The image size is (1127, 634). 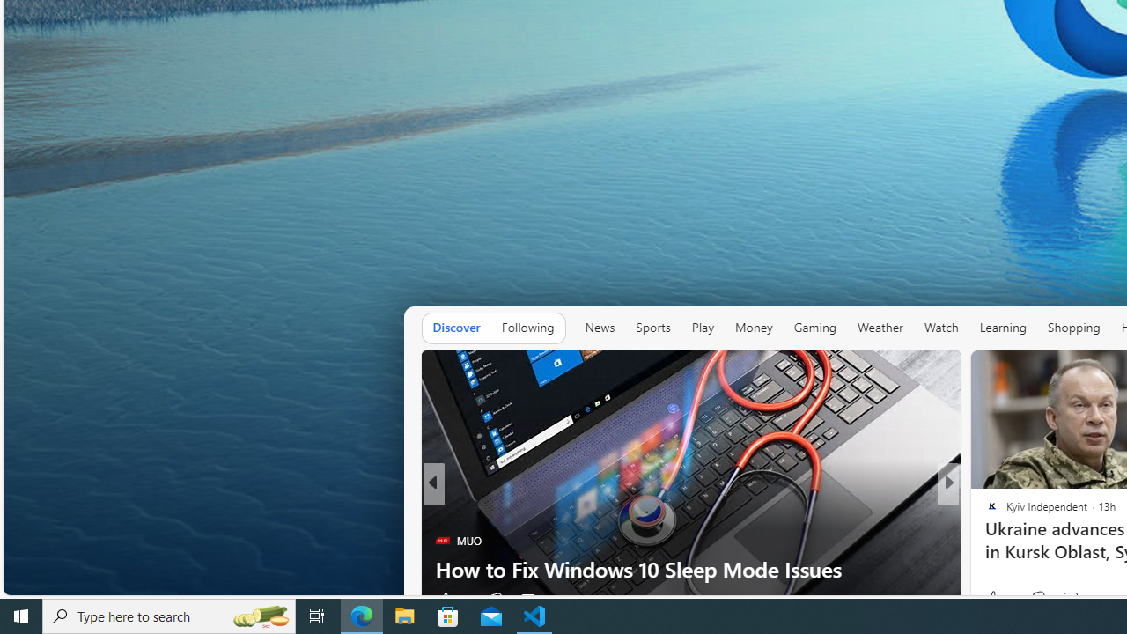 What do you see at coordinates (991, 599) in the screenshot?
I see `'5 Like'` at bounding box center [991, 599].